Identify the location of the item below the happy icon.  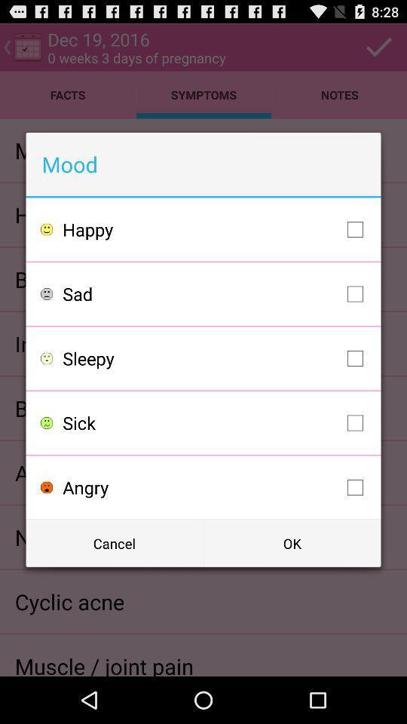
(216, 293).